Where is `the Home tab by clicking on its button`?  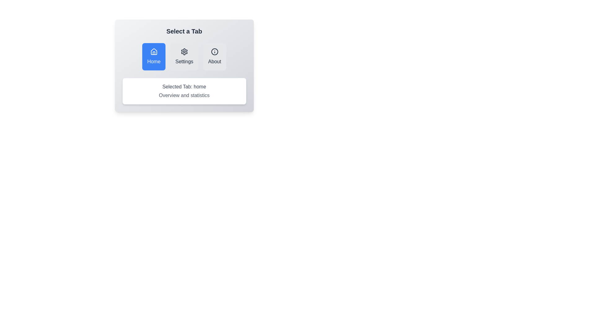
the Home tab by clicking on its button is located at coordinates (154, 56).